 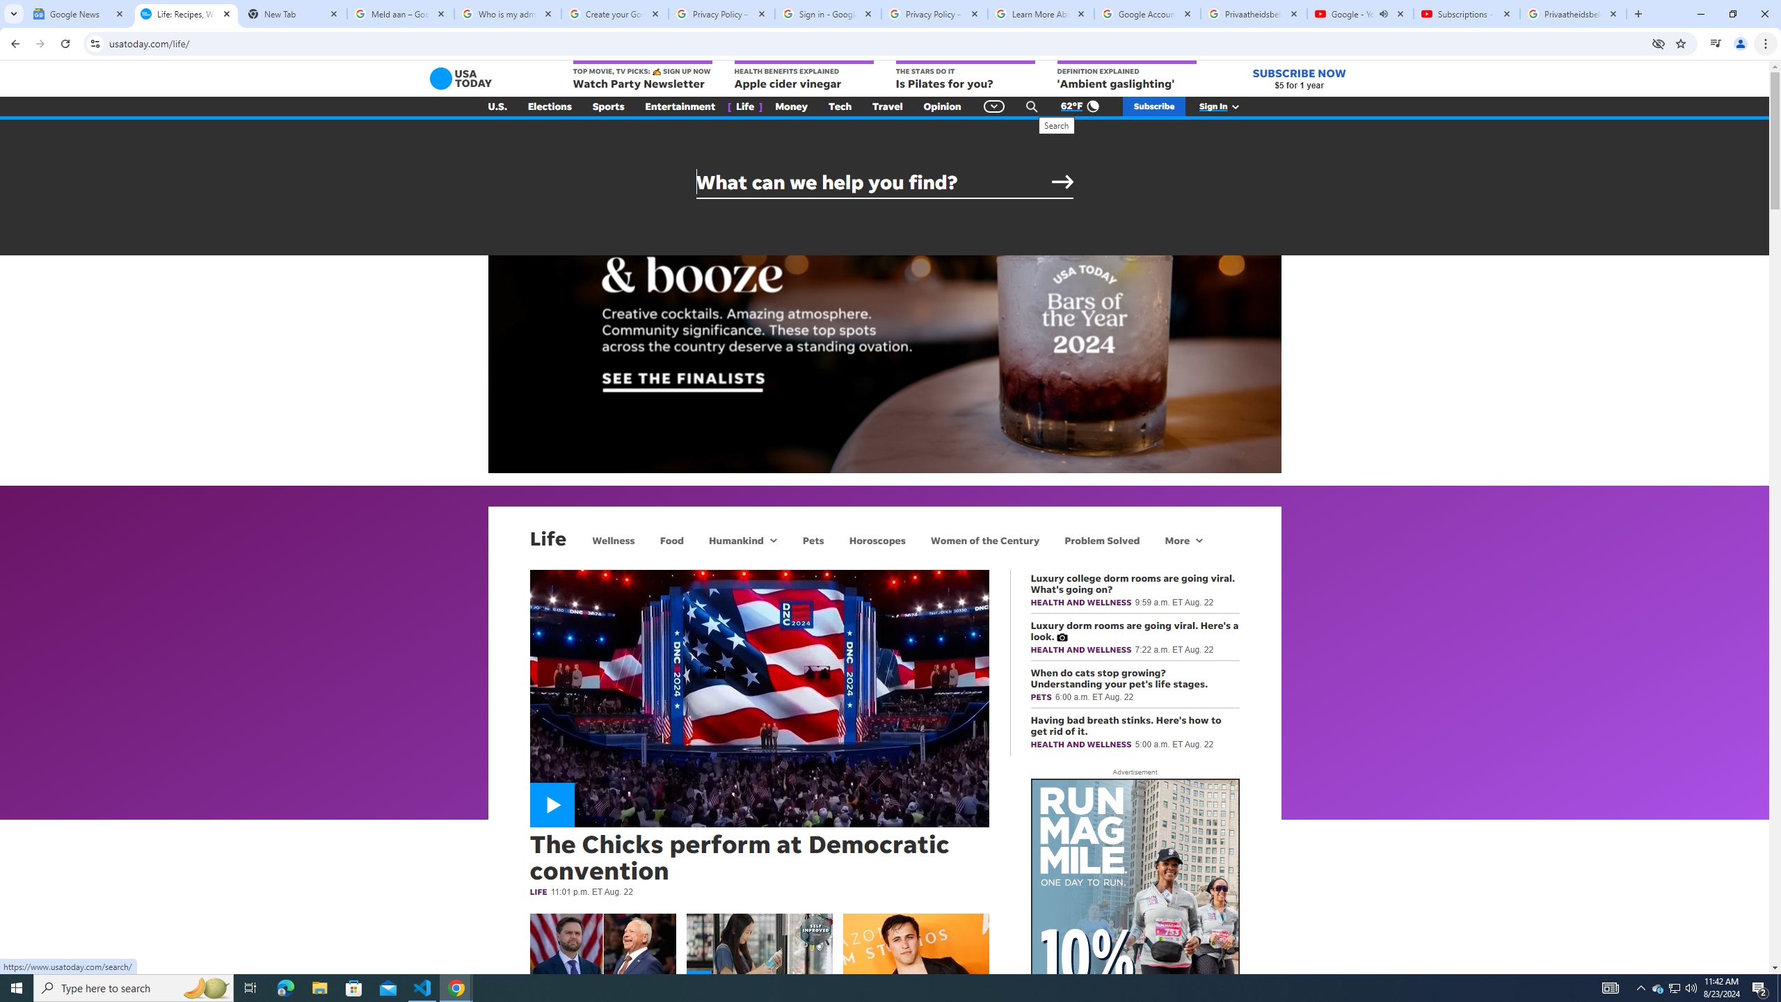 I want to click on 'Life: Recipes, Wellness & Horoscopes - USA TODAY', so click(x=185, y=13).